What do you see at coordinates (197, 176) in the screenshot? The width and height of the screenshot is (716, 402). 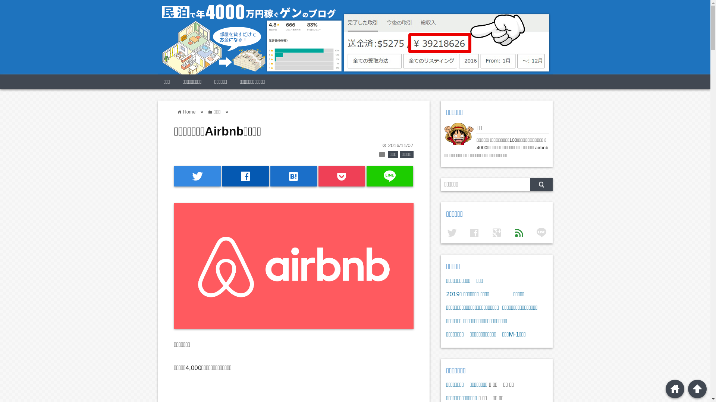 I see `'twitter'` at bounding box center [197, 176].